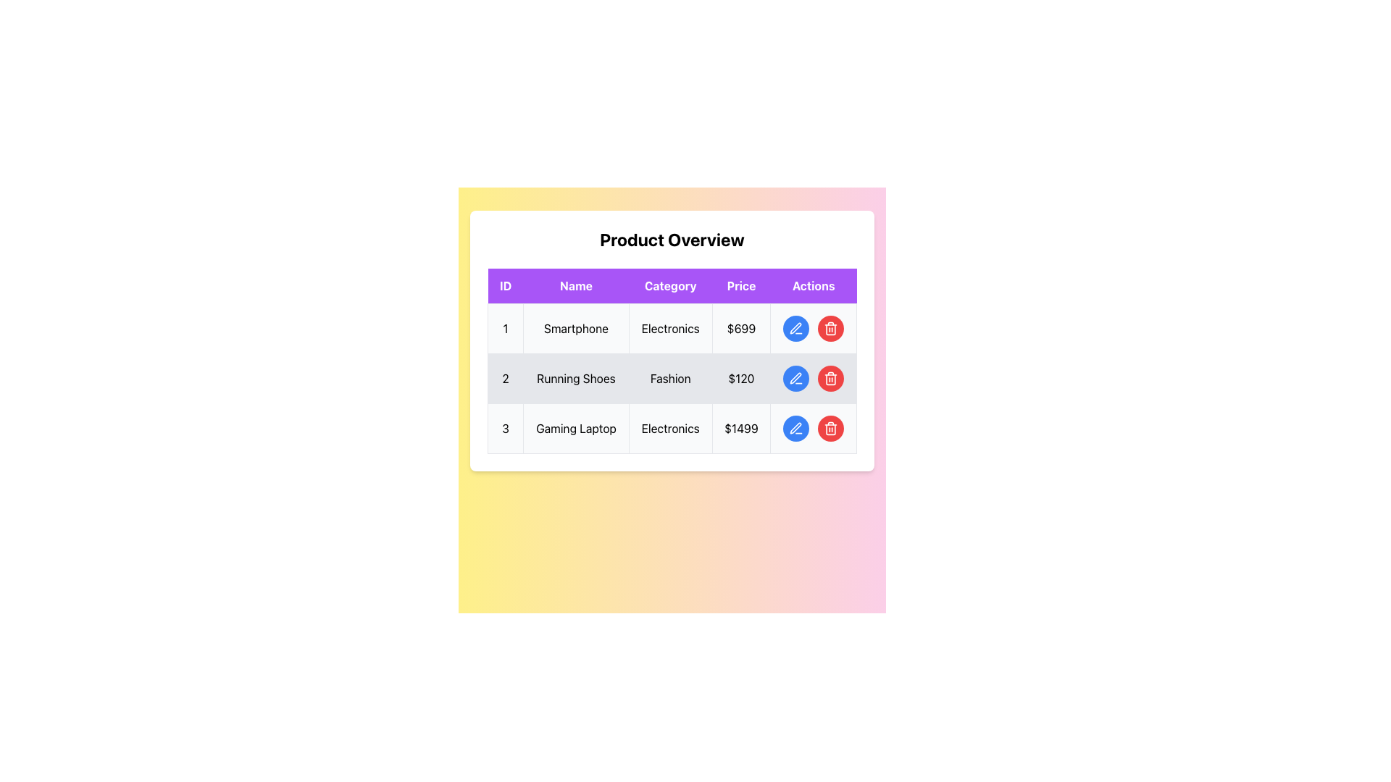  Describe the element at coordinates (741, 329) in the screenshot. I see `the Text label displaying the price '$699' in the fourth column of the first row of the 'Product Overview' table` at that location.